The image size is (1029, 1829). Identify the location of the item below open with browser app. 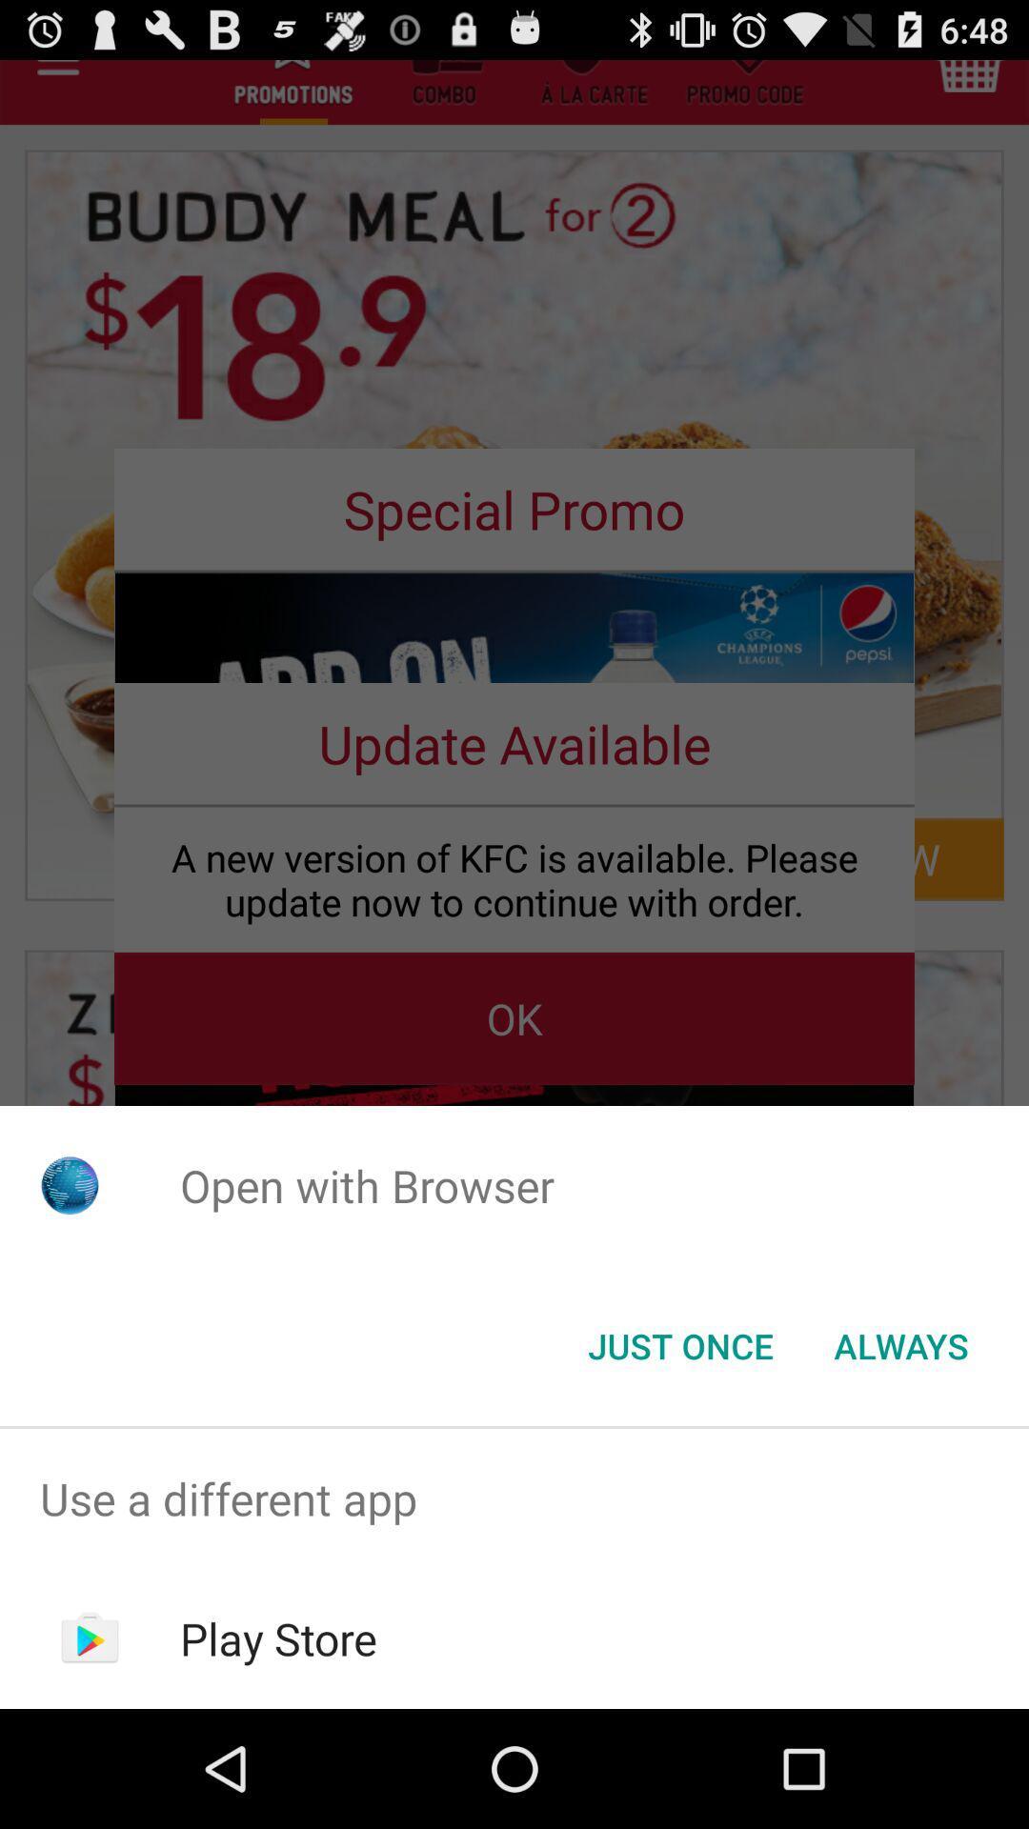
(679, 1344).